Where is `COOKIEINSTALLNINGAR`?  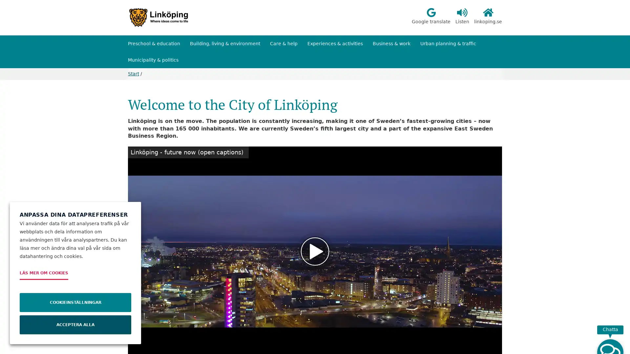
COOKIEINSTALLNINGAR is located at coordinates (75, 302).